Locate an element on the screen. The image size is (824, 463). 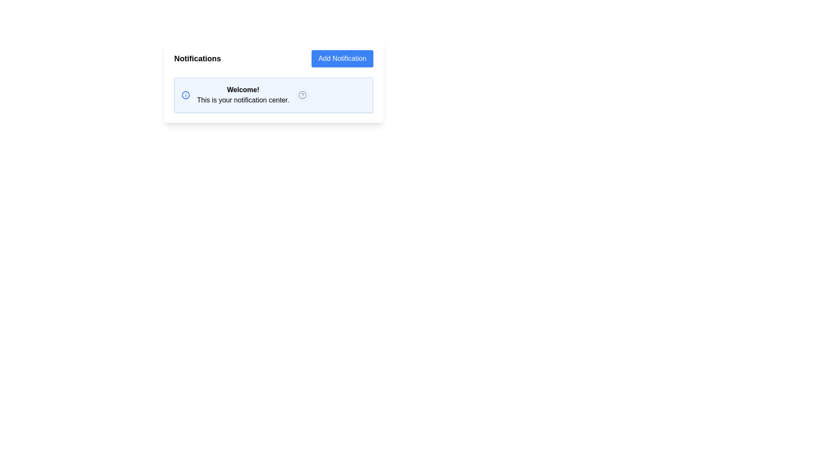
the decorative SVG circle located to the left of the text 'Welcome! This is your notification center.' is located at coordinates (185, 95).